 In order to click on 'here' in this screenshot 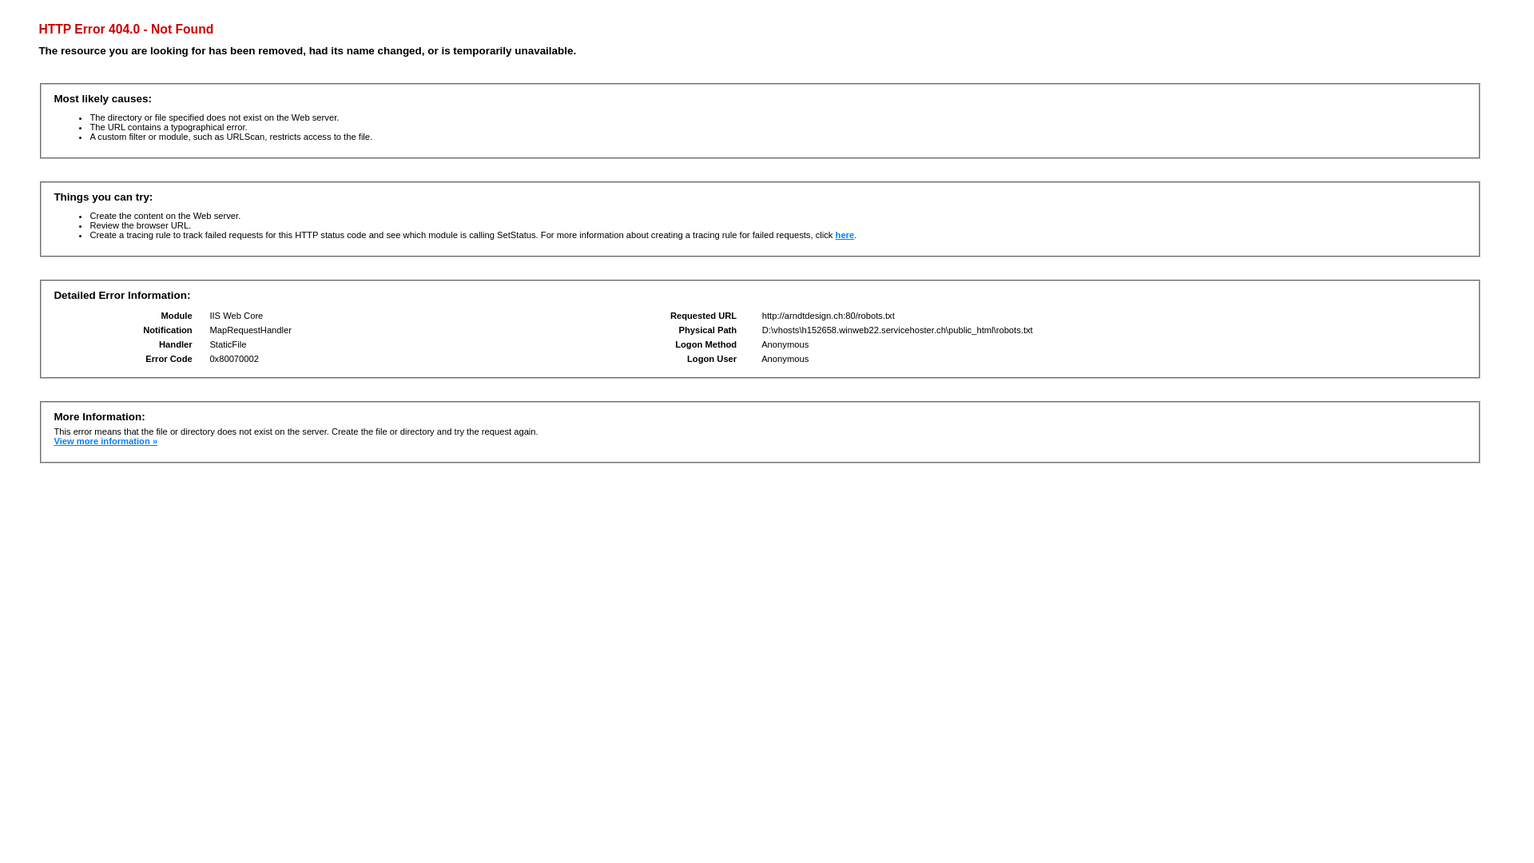, I will do `click(844, 234)`.